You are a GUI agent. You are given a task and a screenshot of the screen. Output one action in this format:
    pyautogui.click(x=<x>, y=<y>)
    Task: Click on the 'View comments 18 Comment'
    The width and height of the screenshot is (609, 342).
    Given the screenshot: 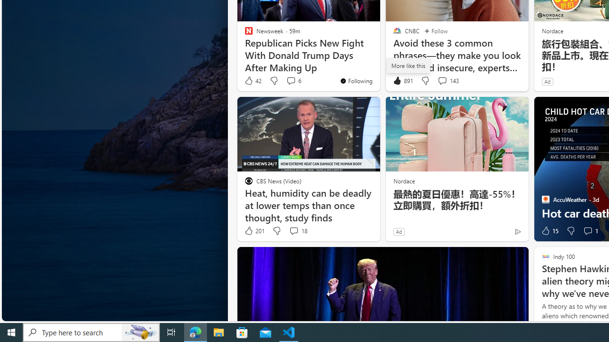 What is the action you would take?
    pyautogui.click(x=297, y=231)
    